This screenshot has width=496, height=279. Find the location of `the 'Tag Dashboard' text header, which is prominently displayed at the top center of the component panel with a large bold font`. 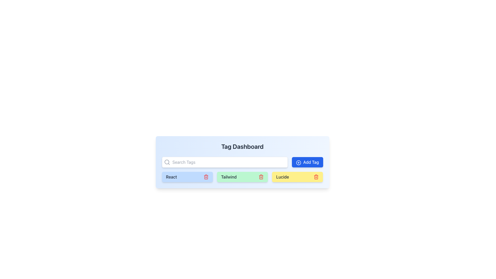

the 'Tag Dashboard' text header, which is prominently displayed at the top center of the component panel with a large bold font is located at coordinates (242, 146).